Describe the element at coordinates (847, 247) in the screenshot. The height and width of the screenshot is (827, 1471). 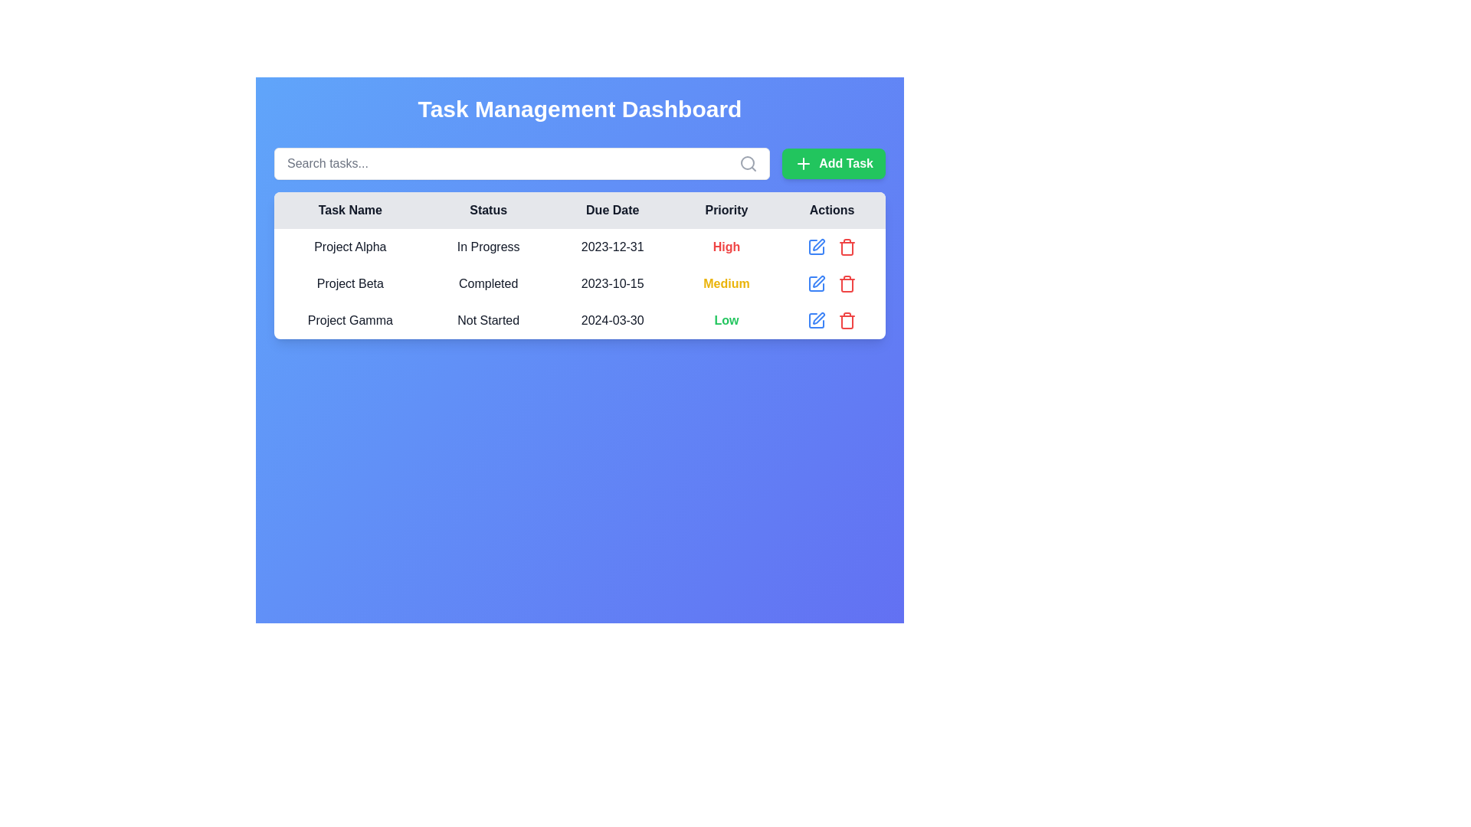
I see `the red trash bin icon located in the 'Actions' column of the Task Management Dashboard, situated in the second row of the table` at that location.